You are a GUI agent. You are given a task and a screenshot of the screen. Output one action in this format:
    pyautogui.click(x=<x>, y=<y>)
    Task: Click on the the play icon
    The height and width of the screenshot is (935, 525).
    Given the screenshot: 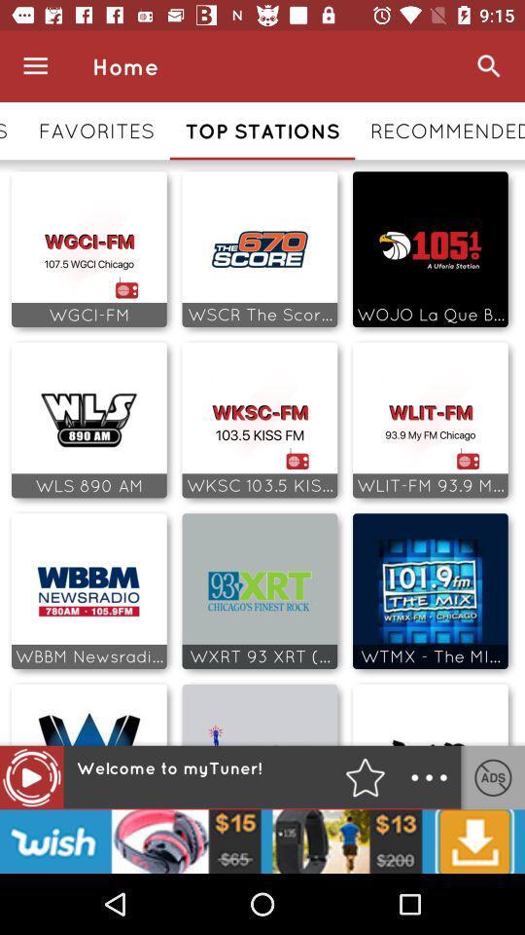 What is the action you would take?
    pyautogui.click(x=30, y=777)
    